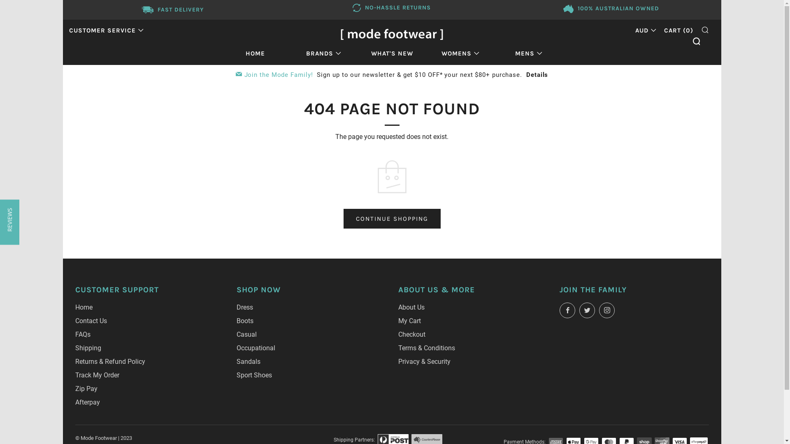  Describe the element at coordinates (109, 361) in the screenshot. I see `'Returns & Refund Policy'` at that location.